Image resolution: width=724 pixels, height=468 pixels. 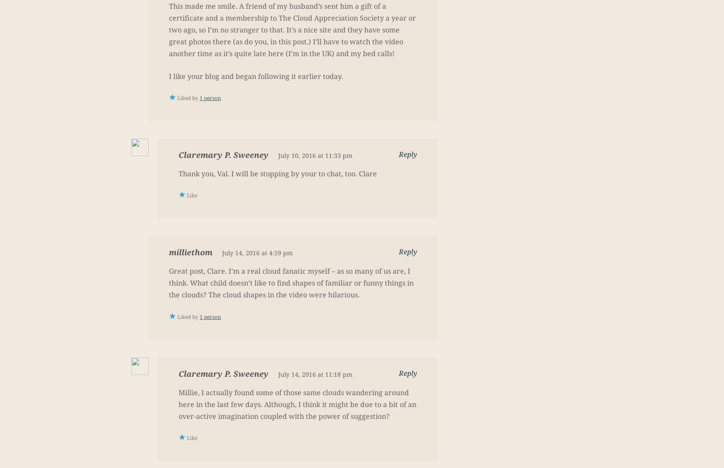 I want to click on 'This made me smile. A friend of my husband’s sent him a gift of a certificate and a membership to The Cloud Appreciation Society a year or two ago, so I’m no stranger to that. It’s a nice site and they have some great photos there (as do you, in this post.)  I’ll have to watch the video another time as it’s quite late here (I’m in the UK) and my bed calls!', so click(x=292, y=29).